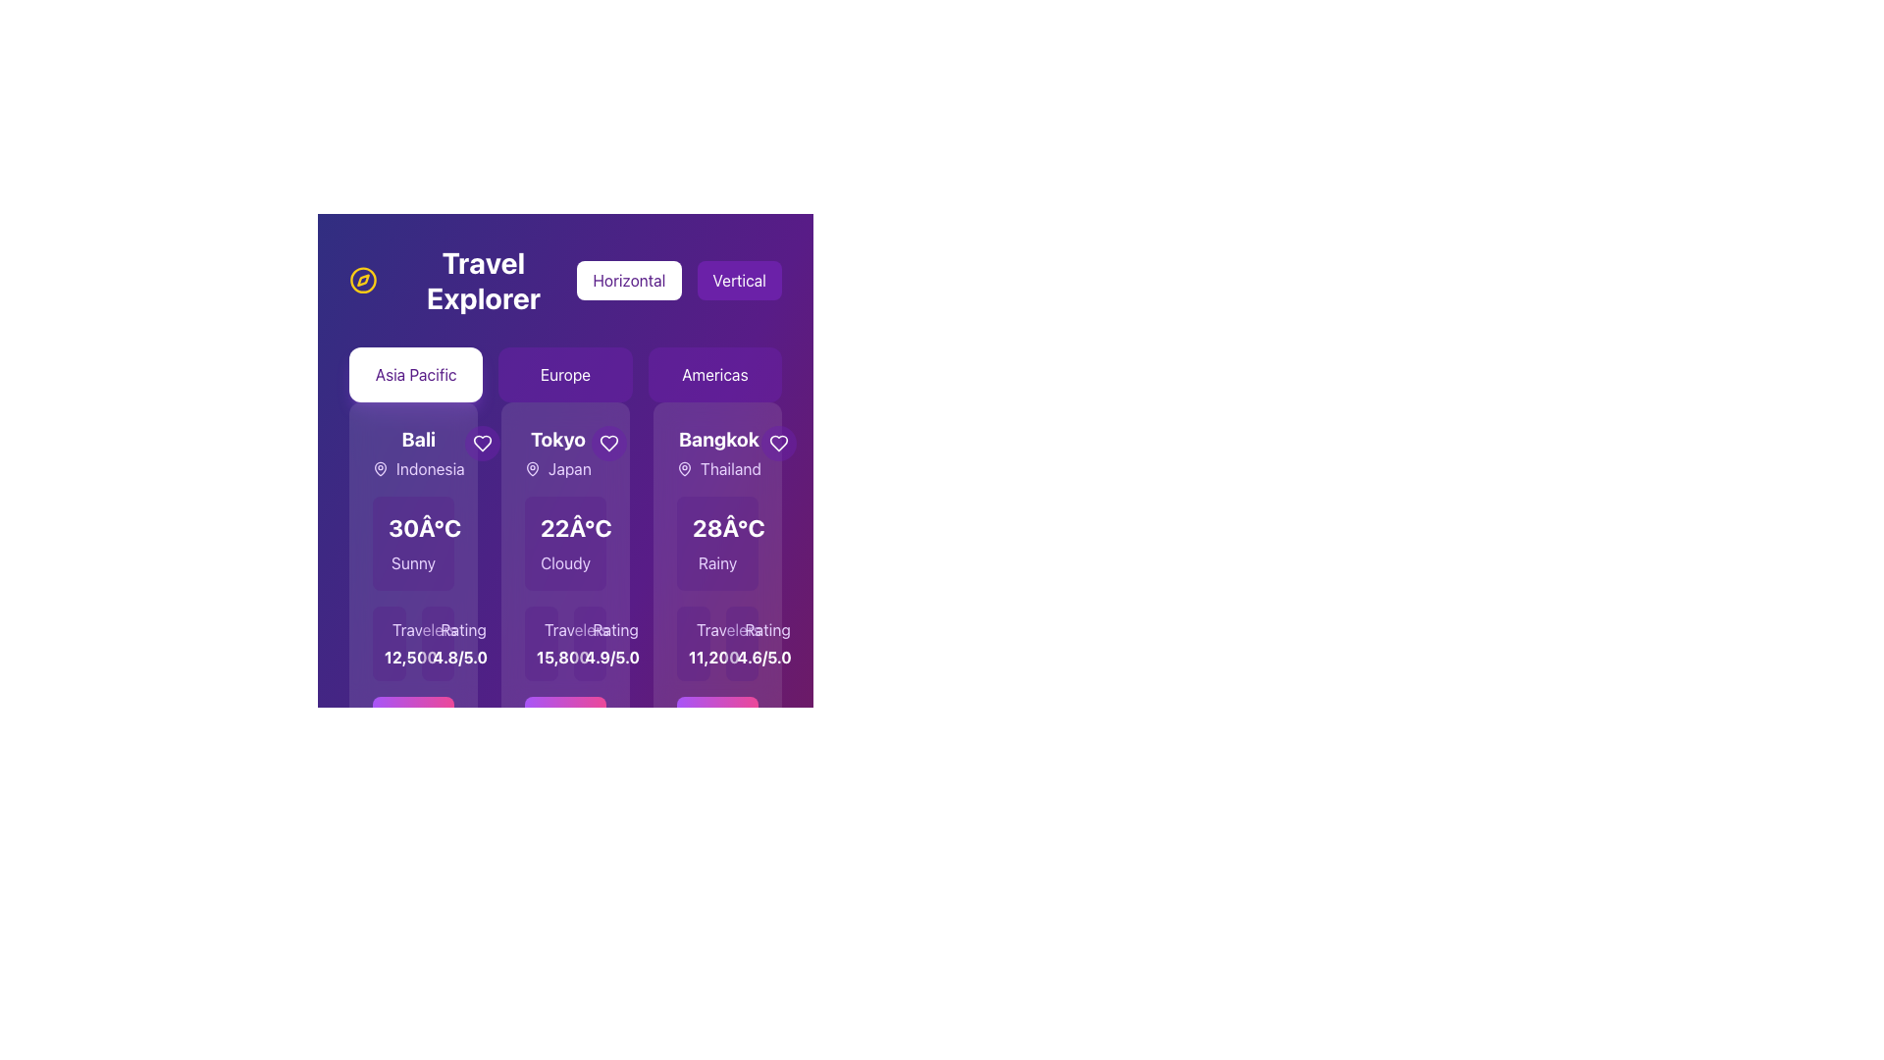 This screenshot has height=1060, width=1884. I want to click on the favoriting button located in the upper-right section of the 'Tokyo' city card within the 'Travel Explorer' interface for keyboard interaction, so click(607, 443).